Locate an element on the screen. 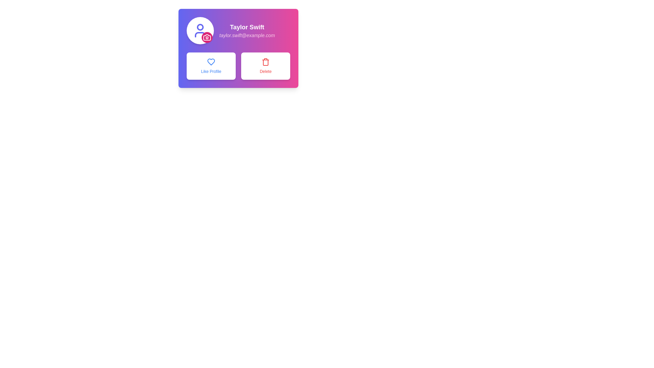 The height and width of the screenshot is (368, 654). the 'Delete' text label located at the bottom of the button in the card-like component, which indicates the button's purpose to the user is located at coordinates (265, 71).